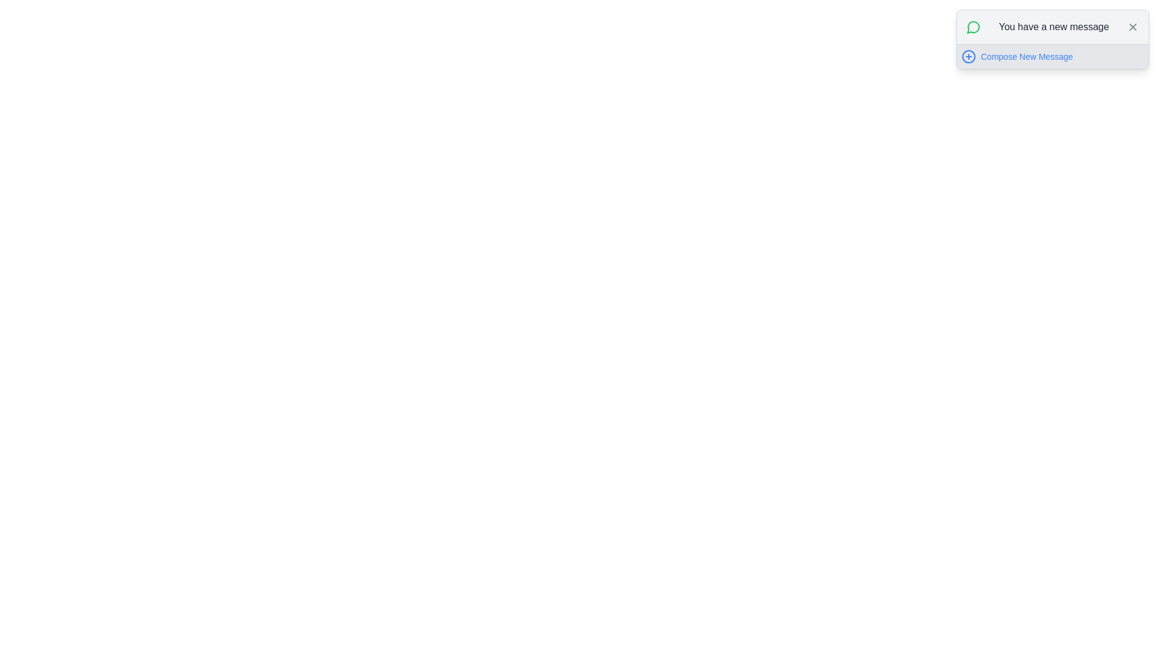 The width and height of the screenshot is (1159, 652). What do you see at coordinates (968, 56) in the screenshot?
I see `the 'Compose New Message' icon button located to the left of the 'Compose New Message' label` at bounding box center [968, 56].